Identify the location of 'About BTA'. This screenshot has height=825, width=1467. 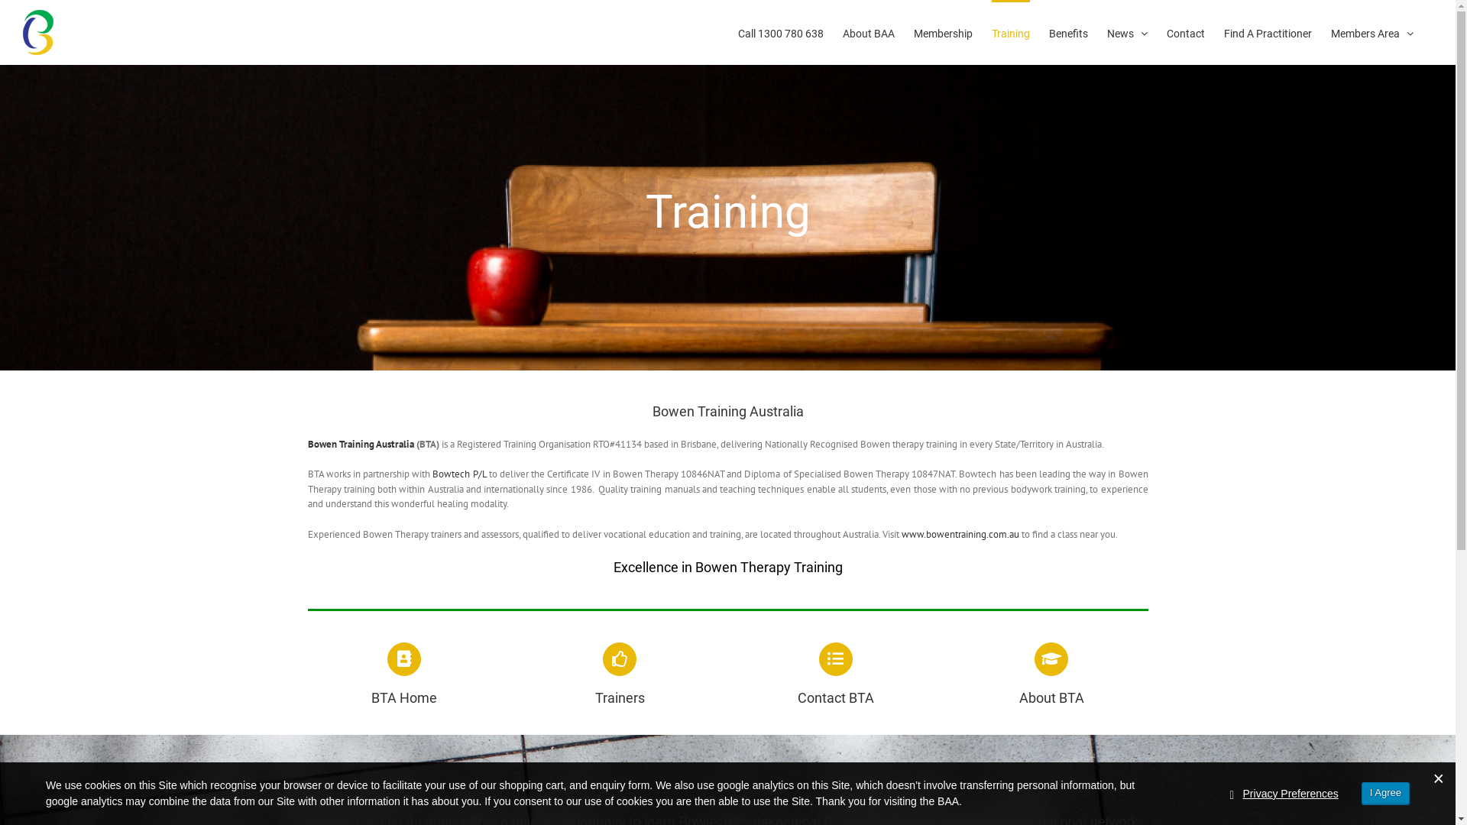
(1051, 674).